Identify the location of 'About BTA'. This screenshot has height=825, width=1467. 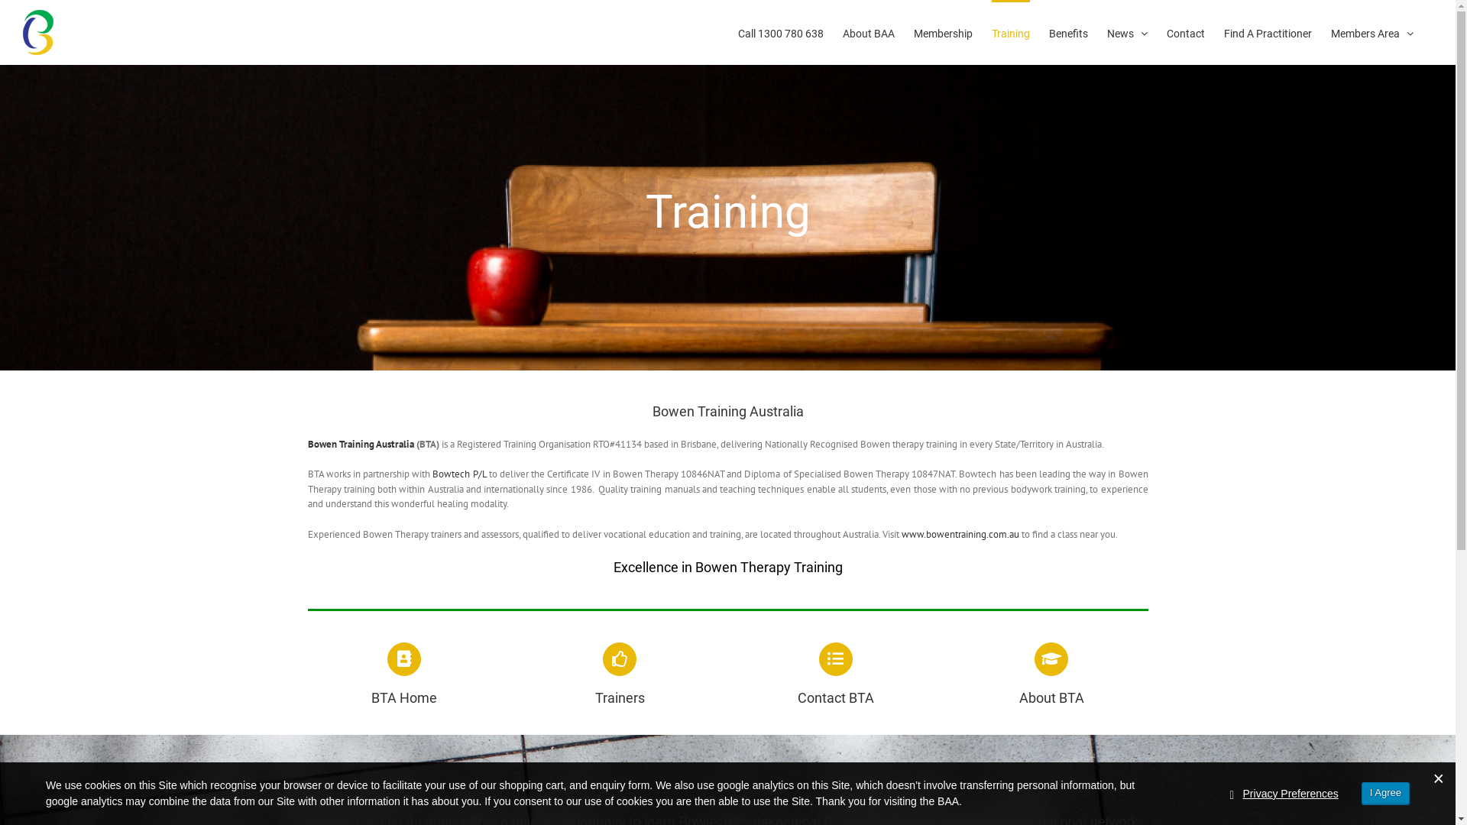
(1051, 674).